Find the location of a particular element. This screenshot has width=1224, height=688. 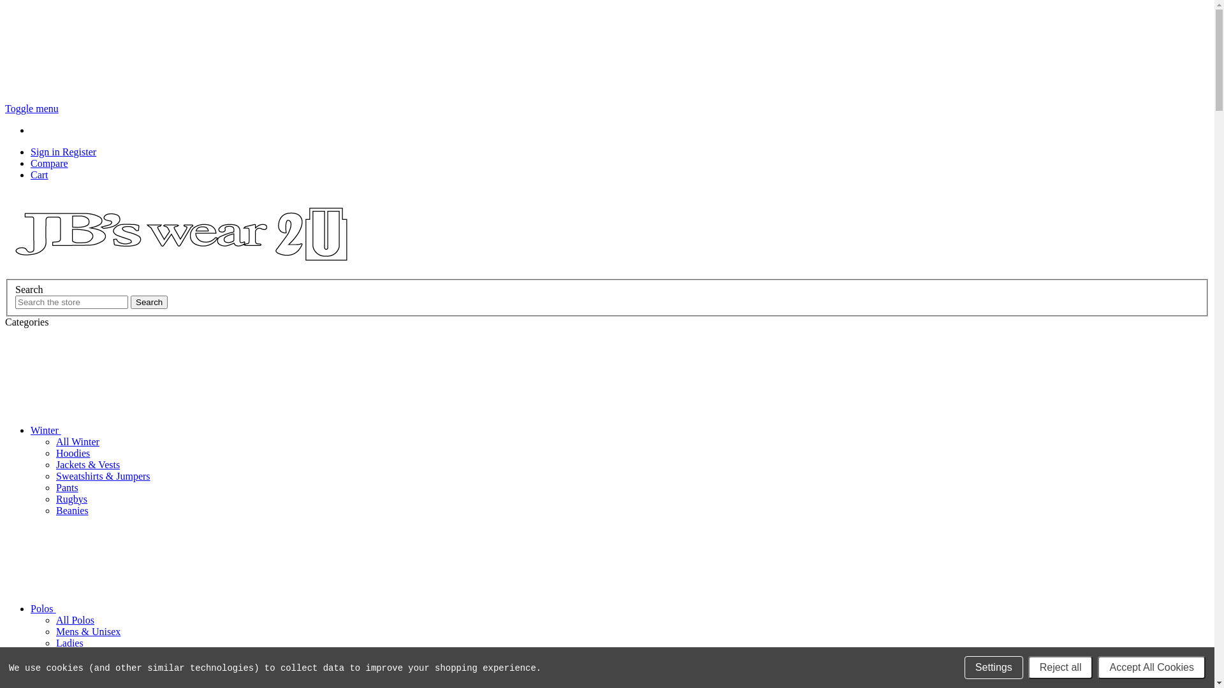

'Sign in' is located at coordinates (46, 151).